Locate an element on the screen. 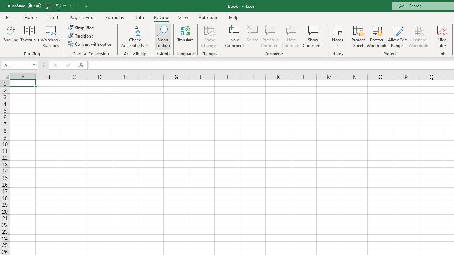 The width and height of the screenshot is (454, 255). 'Thesaurus...' is located at coordinates (29, 36).